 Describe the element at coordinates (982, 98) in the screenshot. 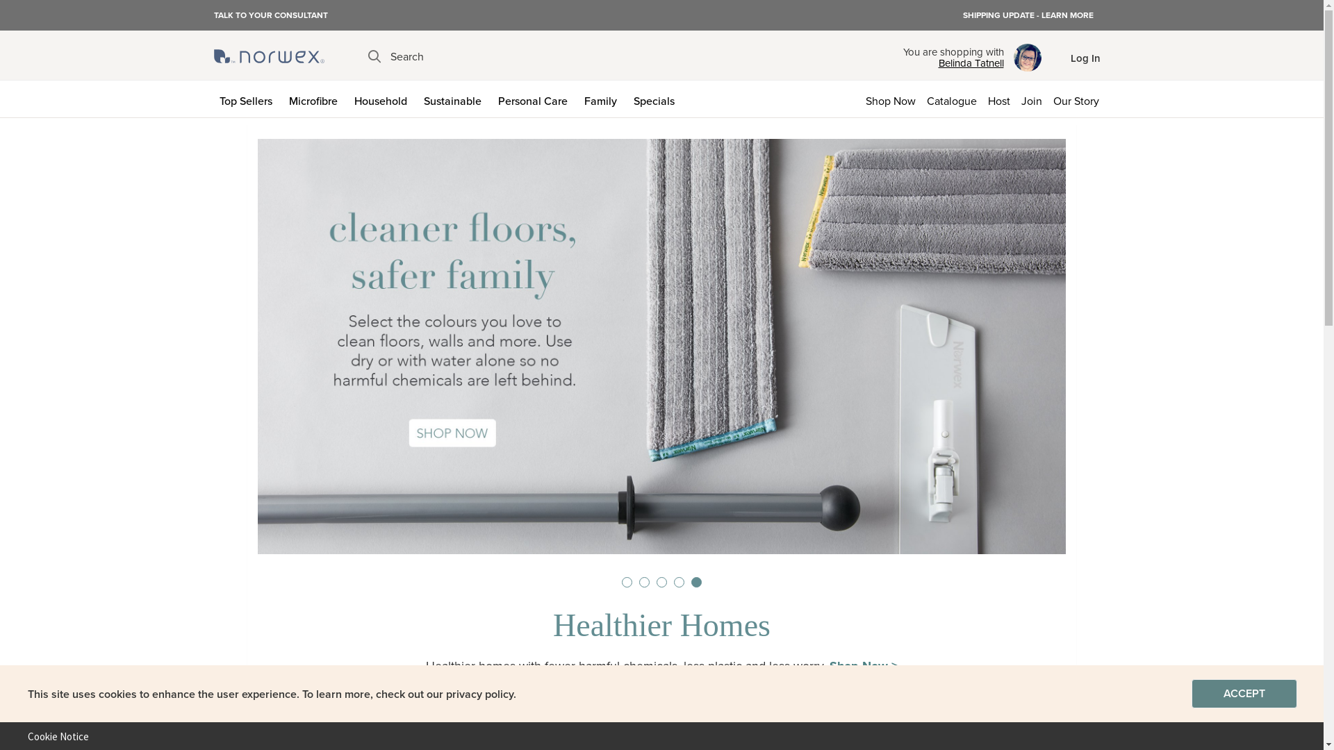

I see `'Host'` at that location.